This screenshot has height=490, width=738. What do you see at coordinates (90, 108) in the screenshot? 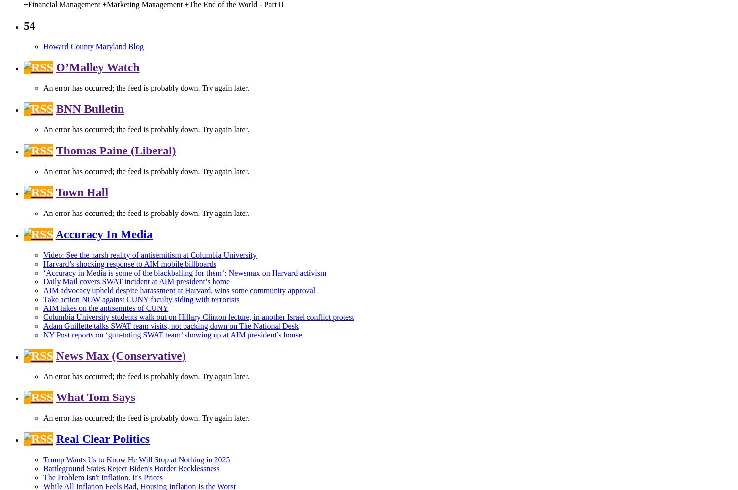
I see `'BNN Bulletin'` at bounding box center [90, 108].